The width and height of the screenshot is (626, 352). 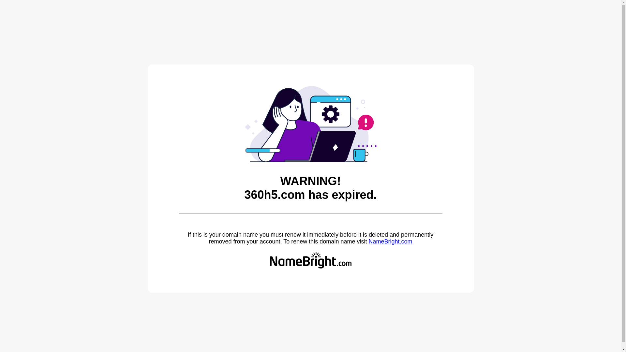 I want to click on 'NameBright.com', so click(x=390, y=241).